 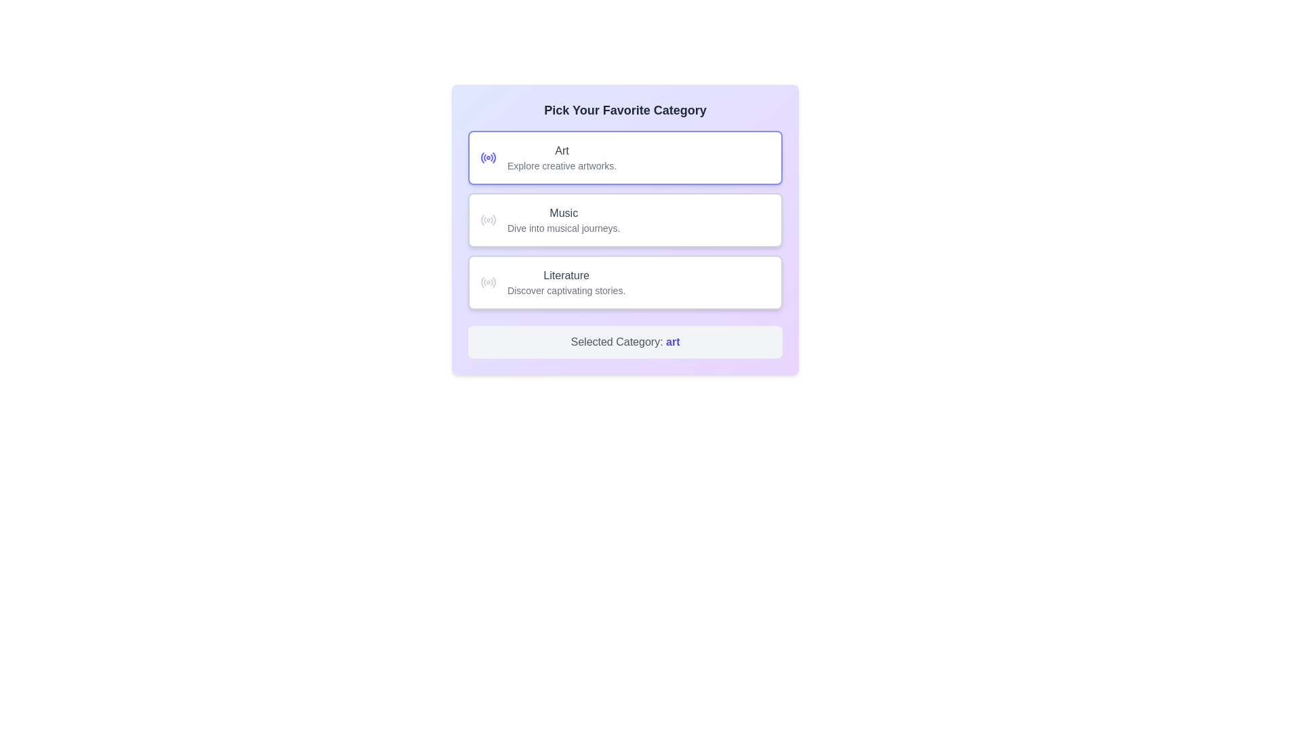 What do you see at coordinates (624, 281) in the screenshot?
I see `the selectable list item titled 'Literature'` at bounding box center [624, 281].